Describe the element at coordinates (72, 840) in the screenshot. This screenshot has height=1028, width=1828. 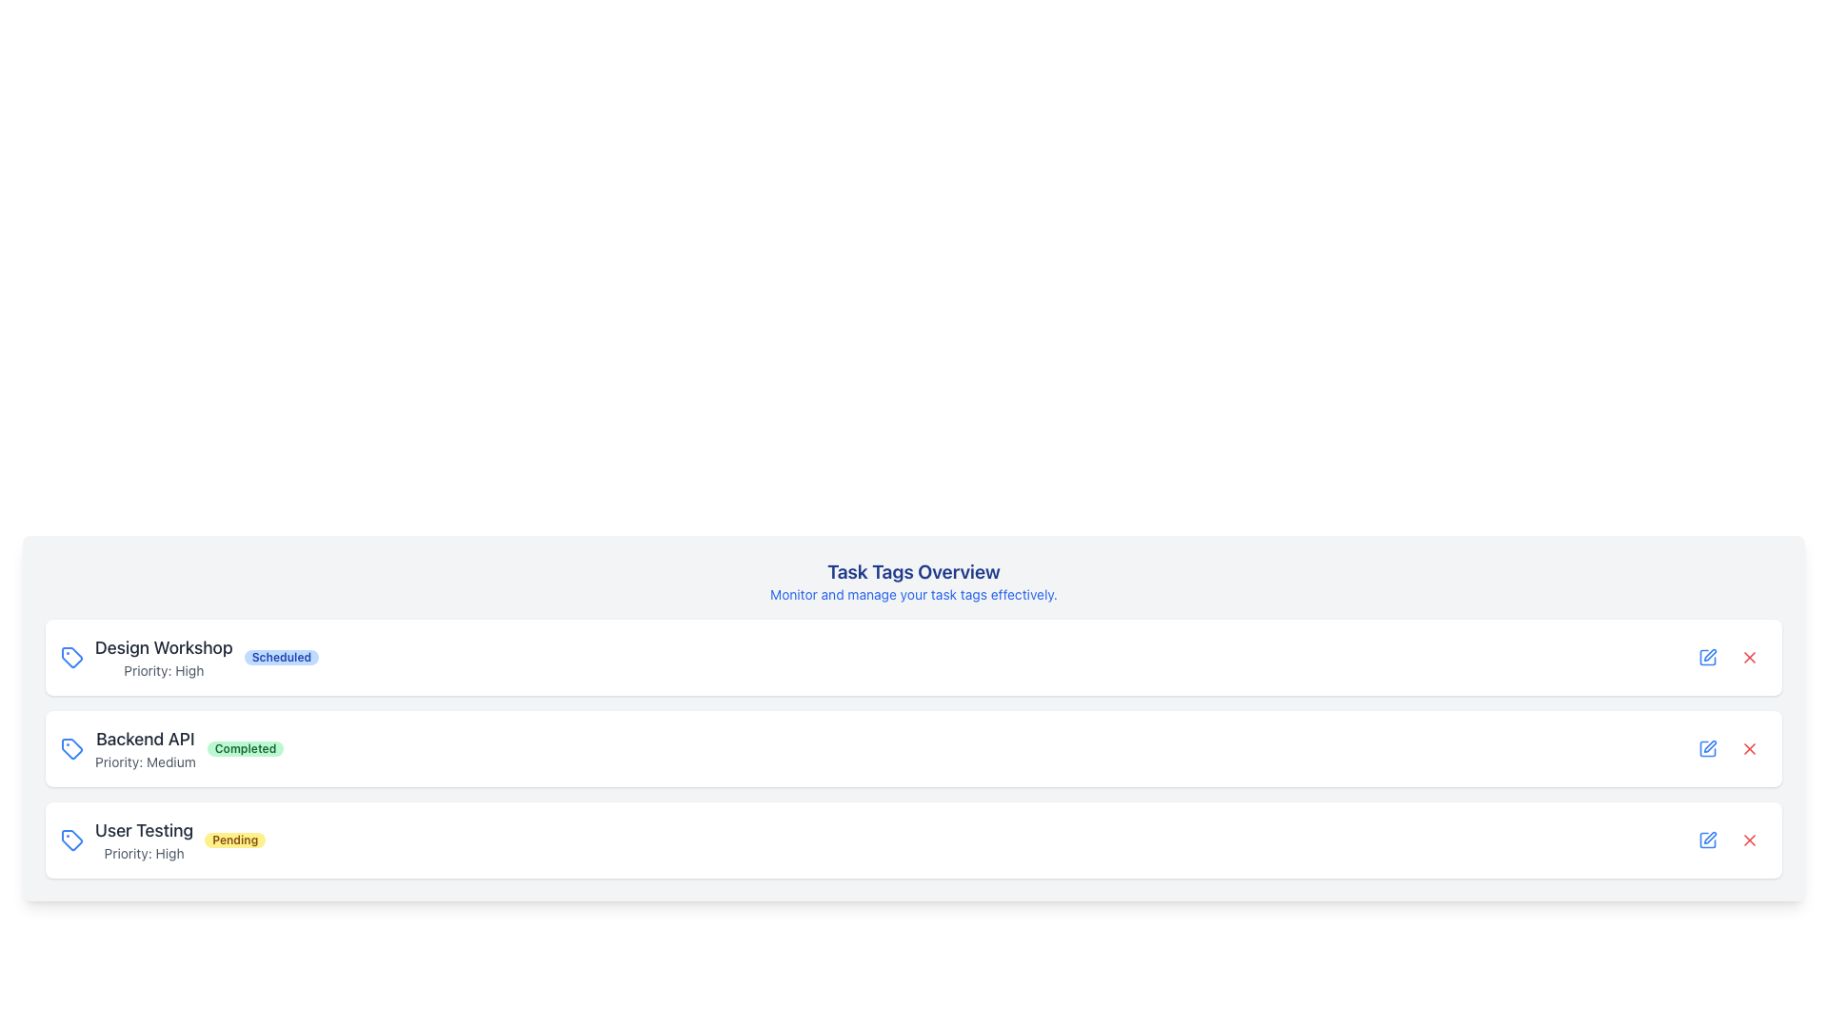
I see `the small blue-colored tag icon located to the left of the text label 'User Testing'` at that location.